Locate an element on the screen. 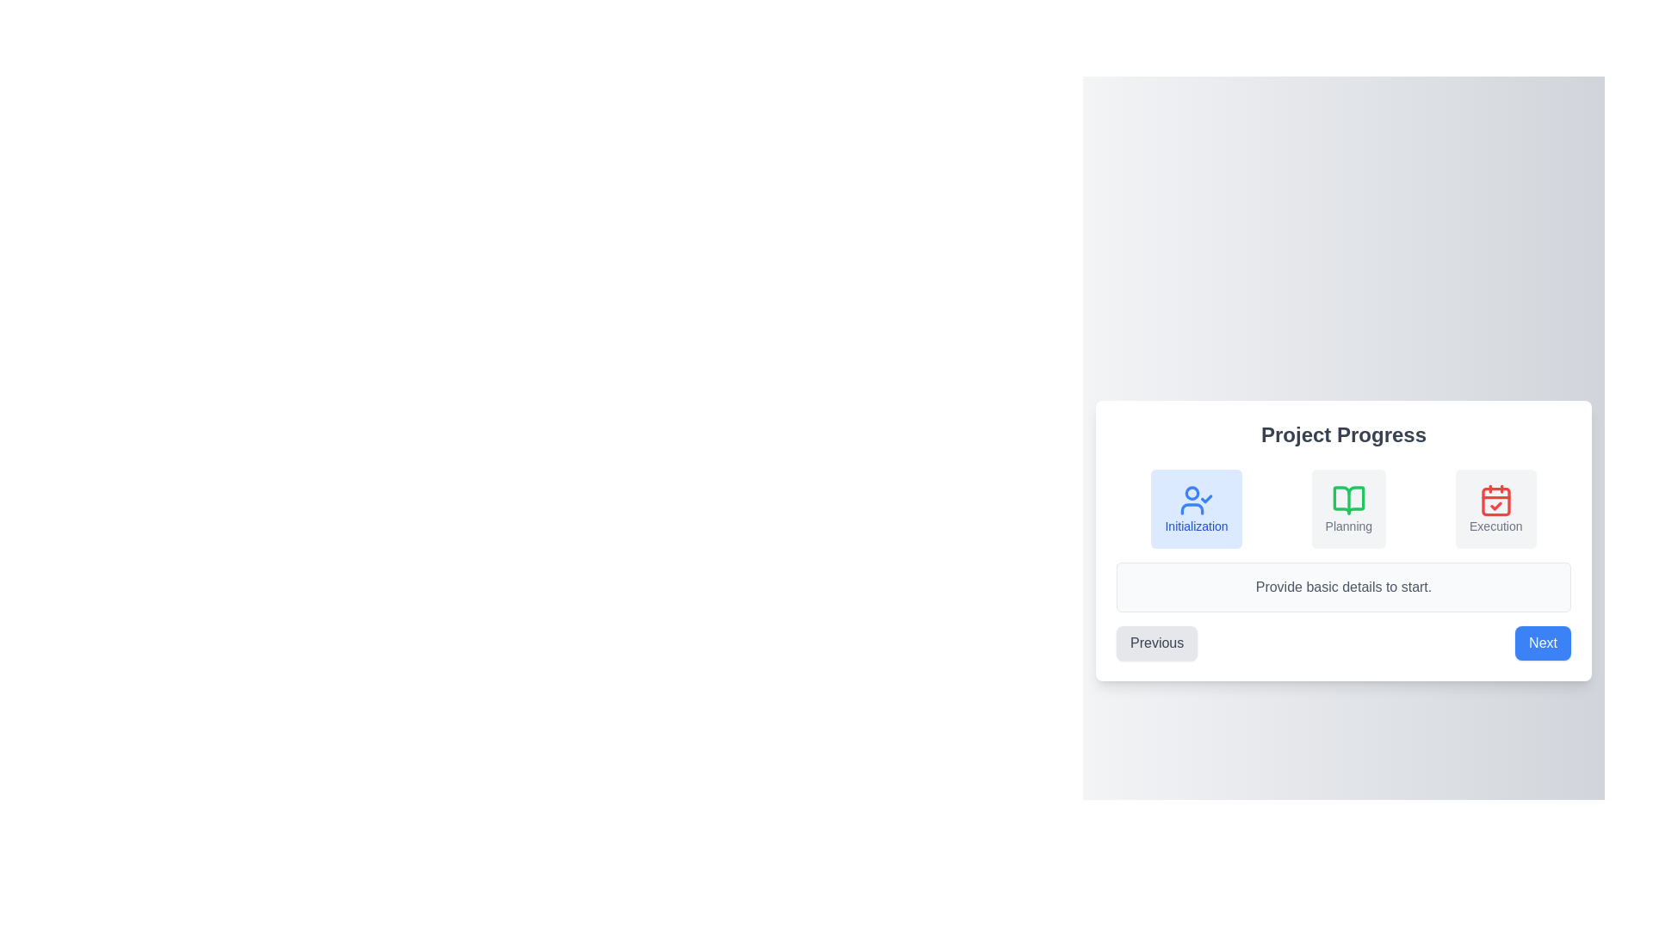 Image resolution: width=1653 pixels, height=929 pixels. the step Planning in the step progress indicator is located at coordinates (1347, 508).